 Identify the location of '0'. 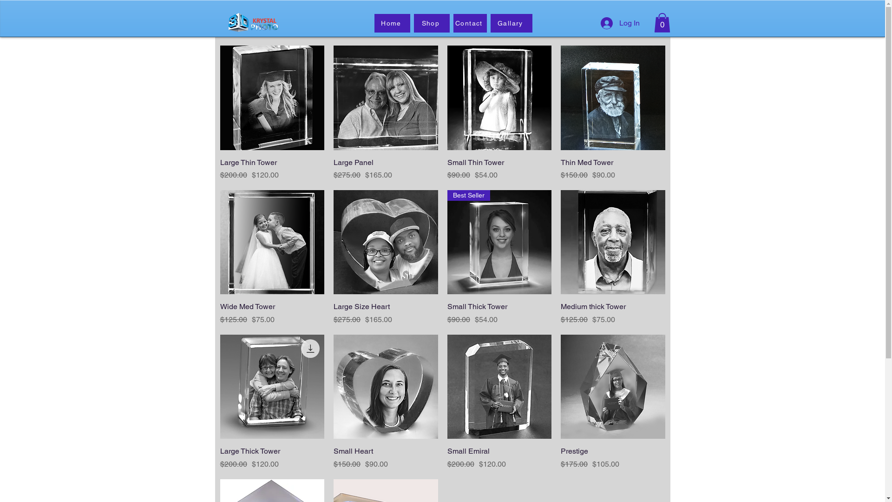
(662, 22).